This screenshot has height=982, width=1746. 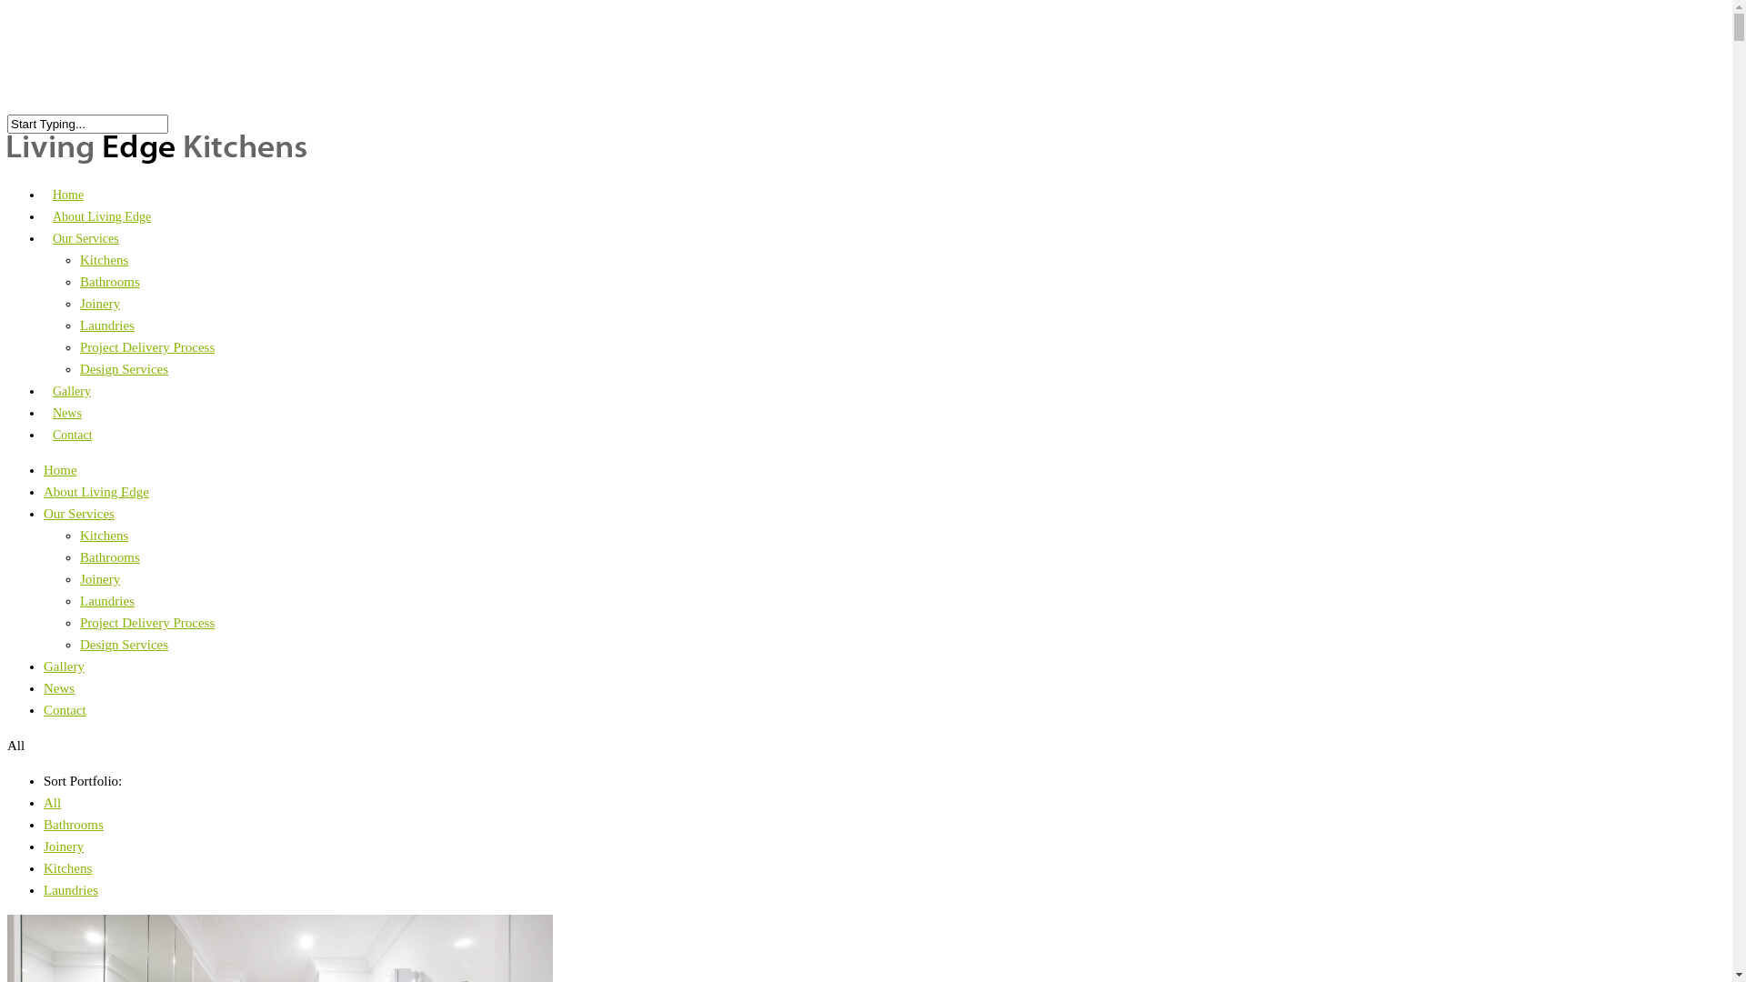 I want to click on 'Contact', so click(x=65, y=708).